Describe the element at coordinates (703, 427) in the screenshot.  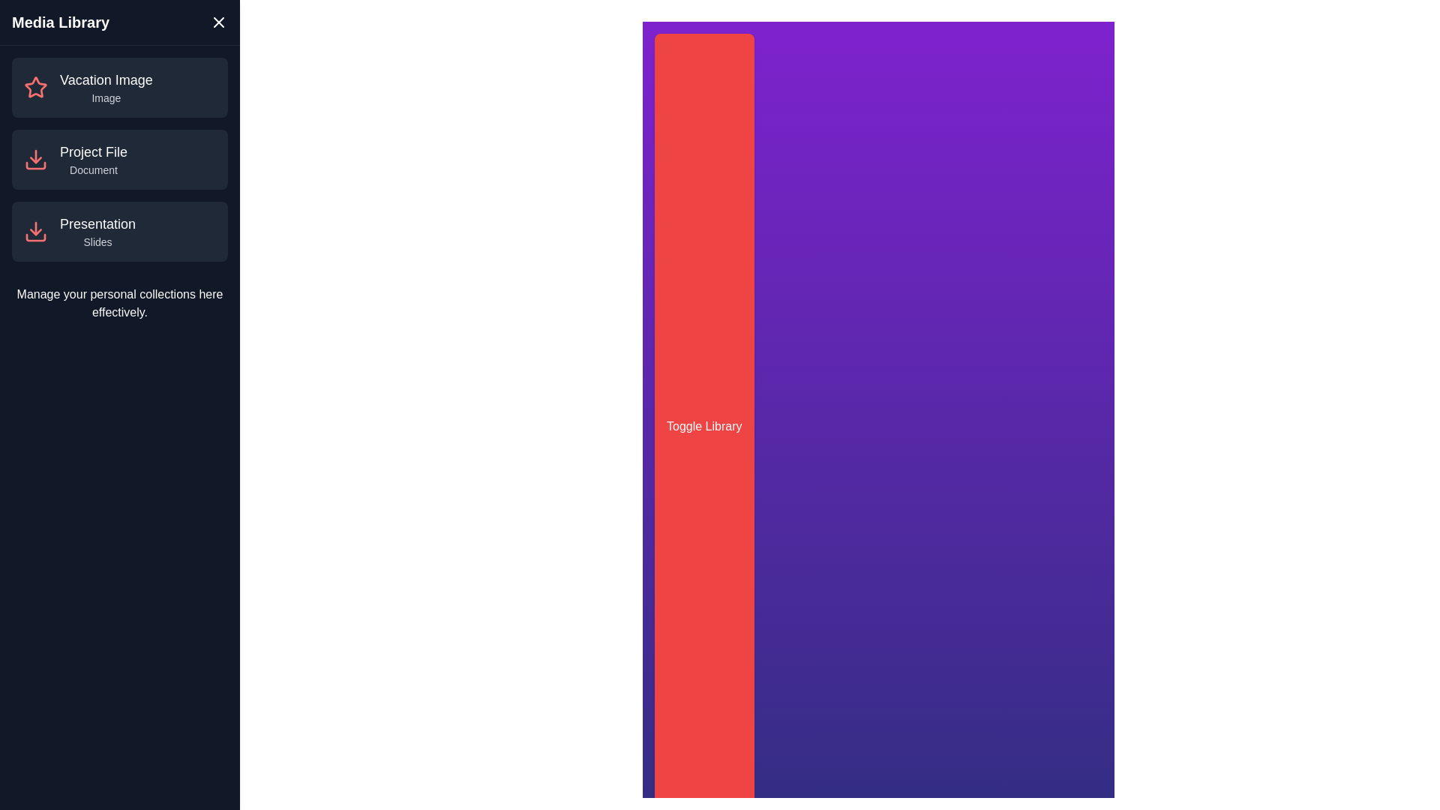
I see `the 'Toggle Library' button to toggle the visibility of the Media Library panel` at that location.